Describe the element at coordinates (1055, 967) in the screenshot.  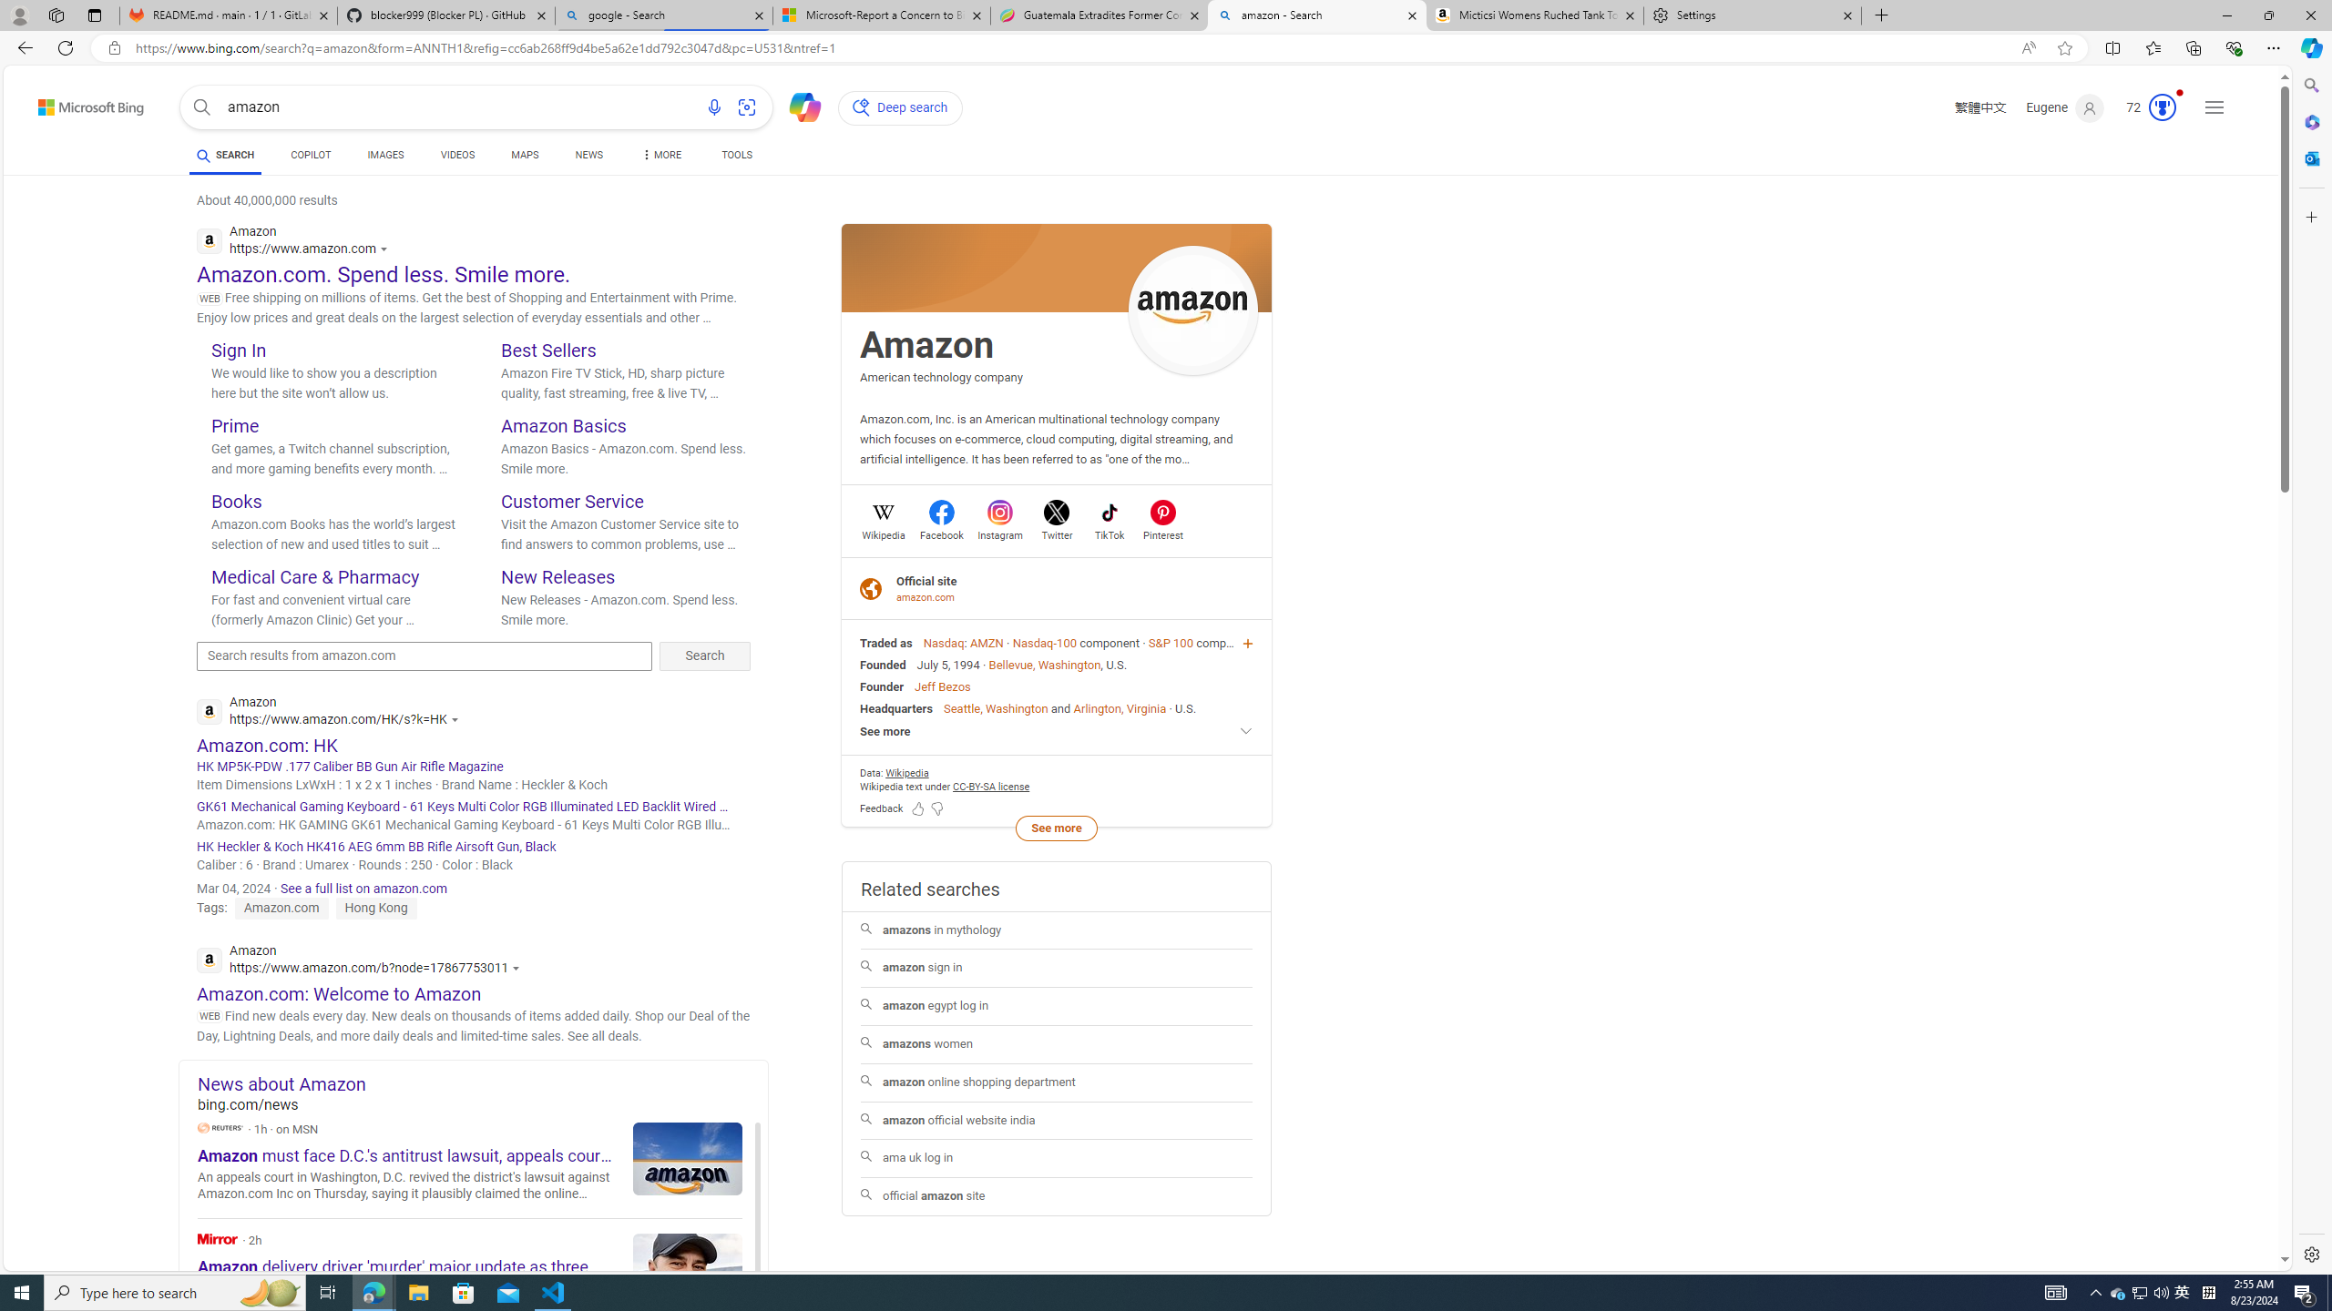
I see `'amazon sign in'` at that location.